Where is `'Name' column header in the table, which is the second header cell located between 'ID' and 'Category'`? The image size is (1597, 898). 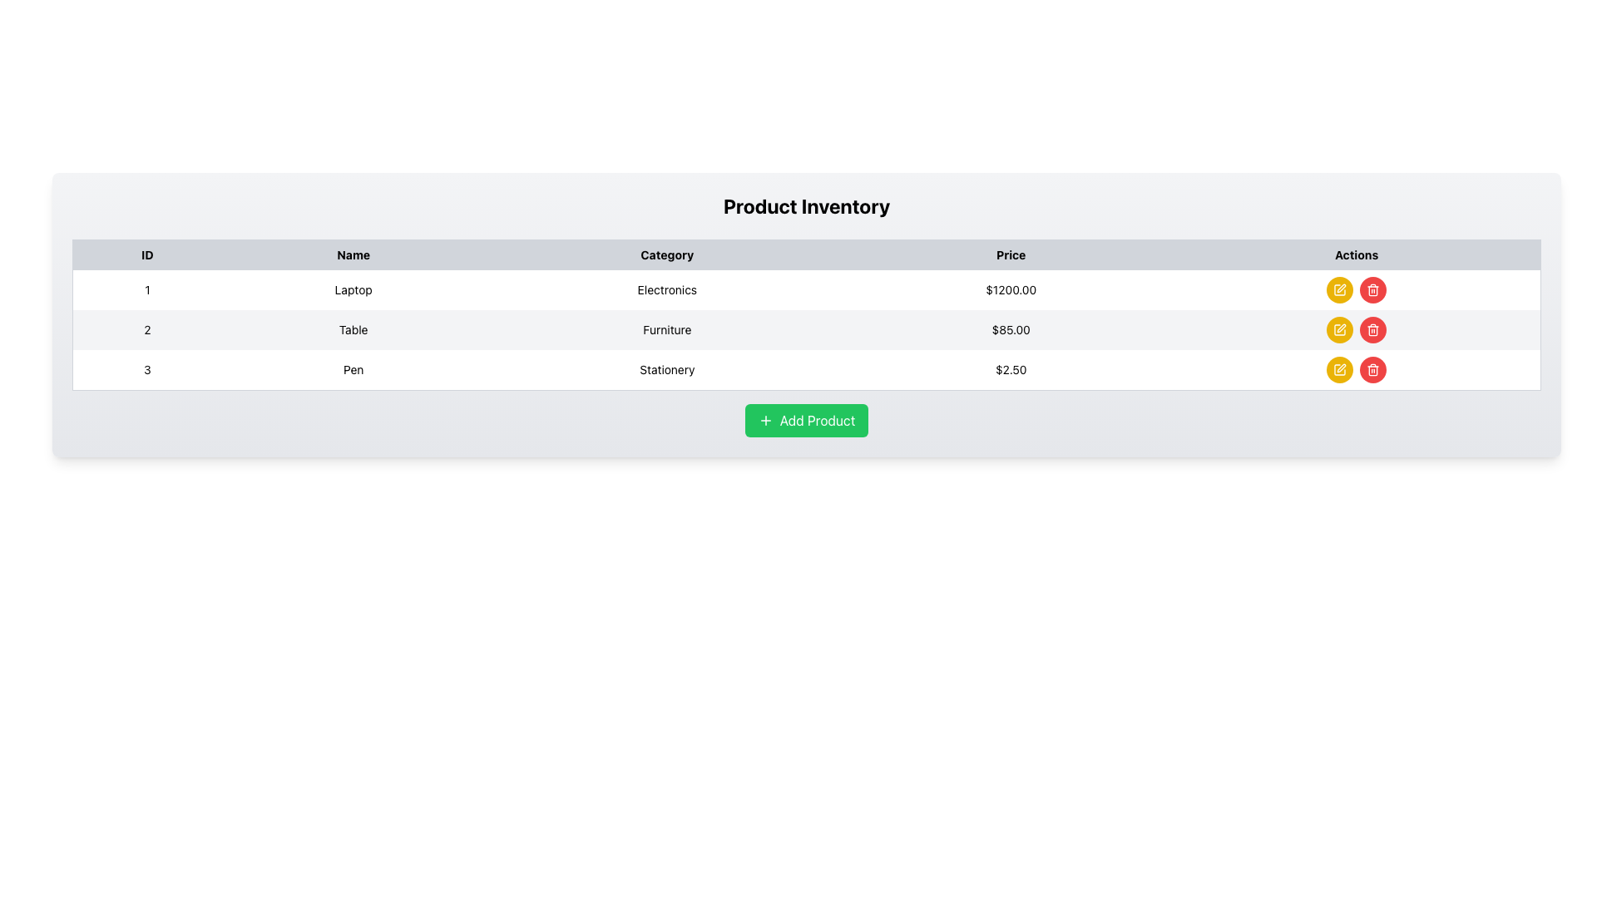
'Name' column header in the table, which is the second header cell located between 'ID' and 'Category' is located at coordinates (353, 254).